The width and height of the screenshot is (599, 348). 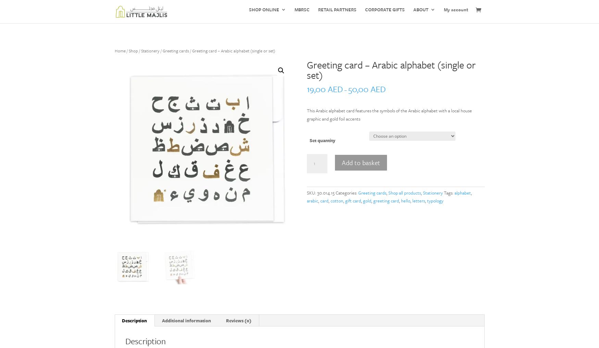 What do you see at coordinates (354, 96) in the screenshot?
I see `'Jewellery'` at bounding box center [354, 96].